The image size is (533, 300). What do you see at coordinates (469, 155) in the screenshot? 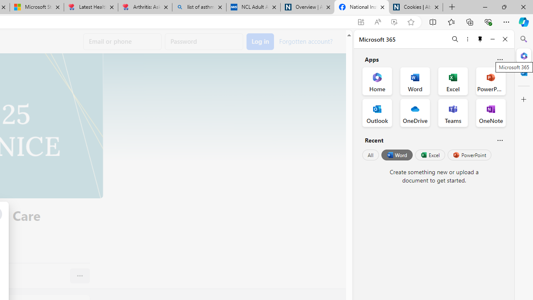
I see `'PowerPoint'` at bounding box center [469, 155].